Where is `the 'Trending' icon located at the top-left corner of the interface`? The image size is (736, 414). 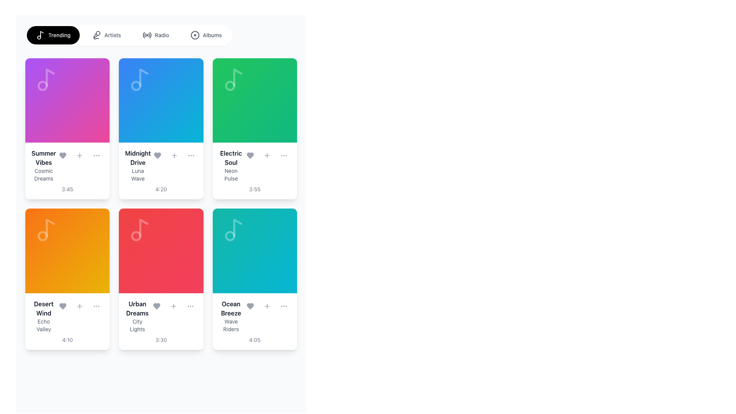 the 'Trending' icon located at the top-left corner of the interface is located at coordinates (40, 35).